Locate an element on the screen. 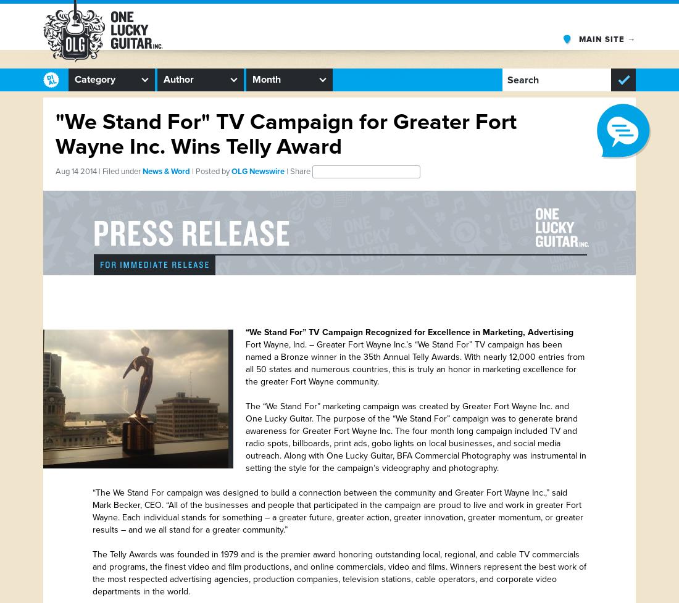  'Fort Wayne, Ind. – Greater Fort Wayne Inc.’s “We Stand For” TV campaign has been named a Bronze winner in the 35th Annual Telly Awards. With nearly 12,000 entries from all 50 states and numerous countries, this is truly an honor in marketing excellence for the greater Fort Wayne community.' is located at coordinates (415, 362).